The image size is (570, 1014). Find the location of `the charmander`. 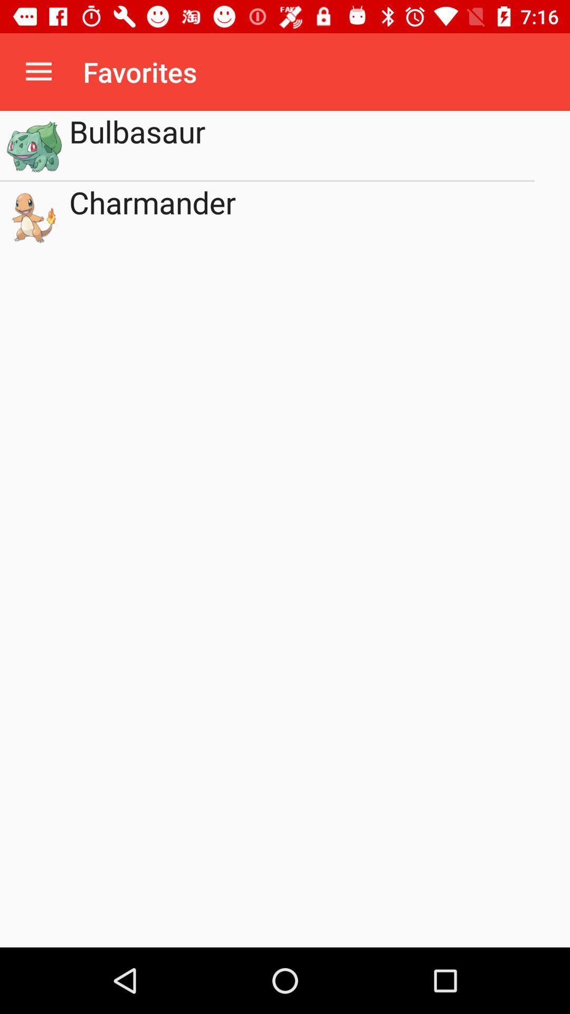

the charmander is located at coordinates (302, 215).